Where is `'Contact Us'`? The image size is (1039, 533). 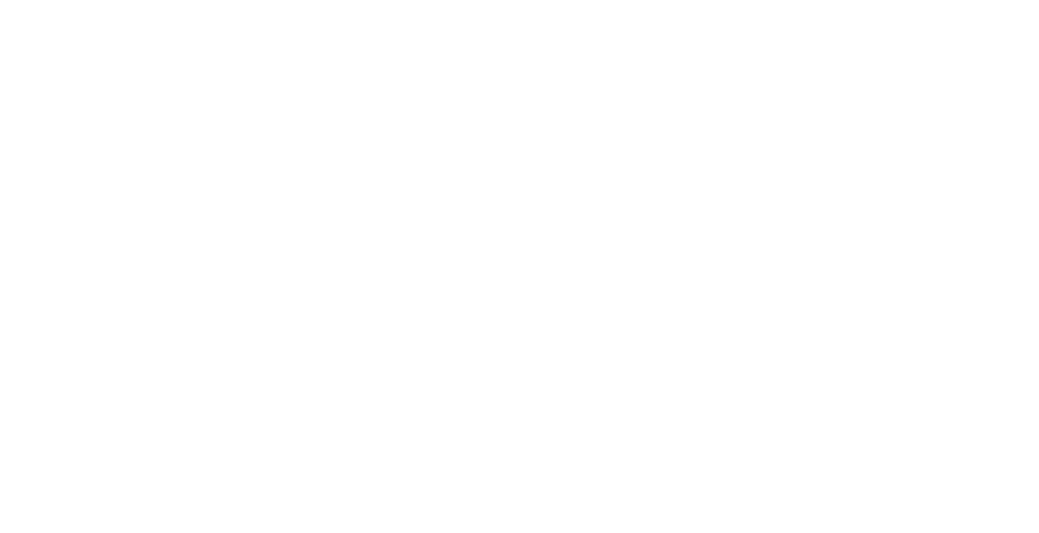 'Contact Us' is located at coordinates (486, 167).